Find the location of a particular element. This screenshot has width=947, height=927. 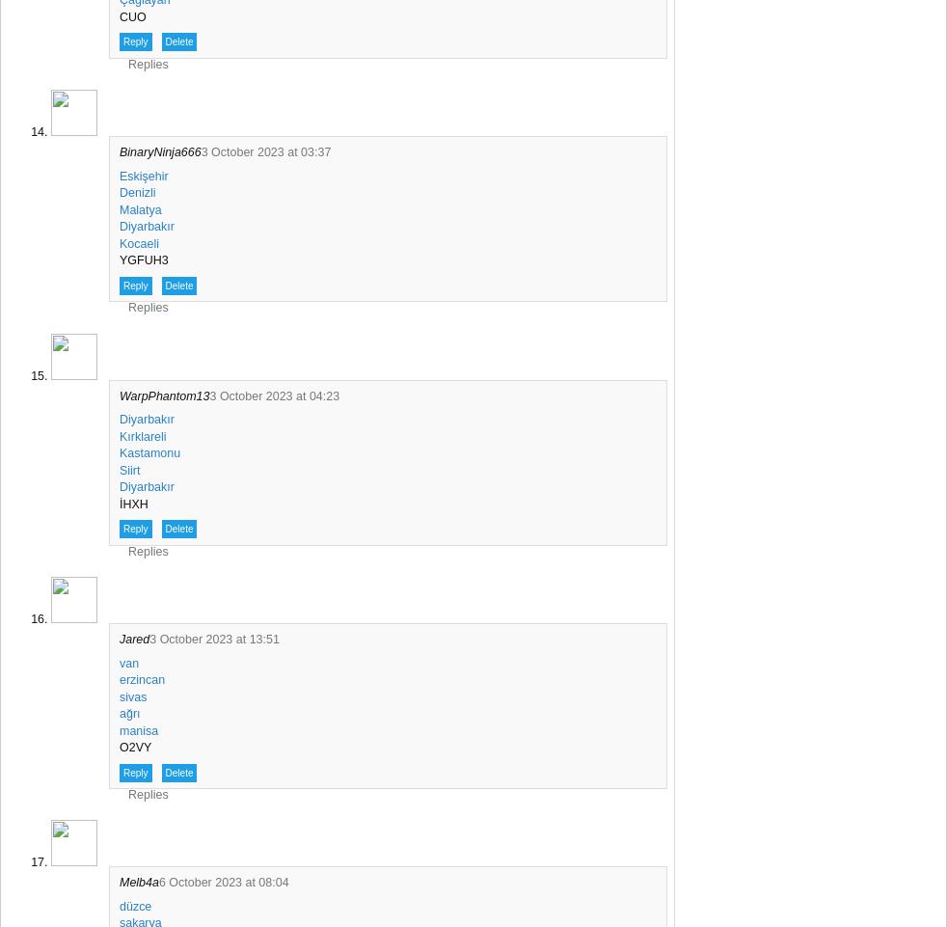

'YGFUH3' is located at coordinates (142, 260).